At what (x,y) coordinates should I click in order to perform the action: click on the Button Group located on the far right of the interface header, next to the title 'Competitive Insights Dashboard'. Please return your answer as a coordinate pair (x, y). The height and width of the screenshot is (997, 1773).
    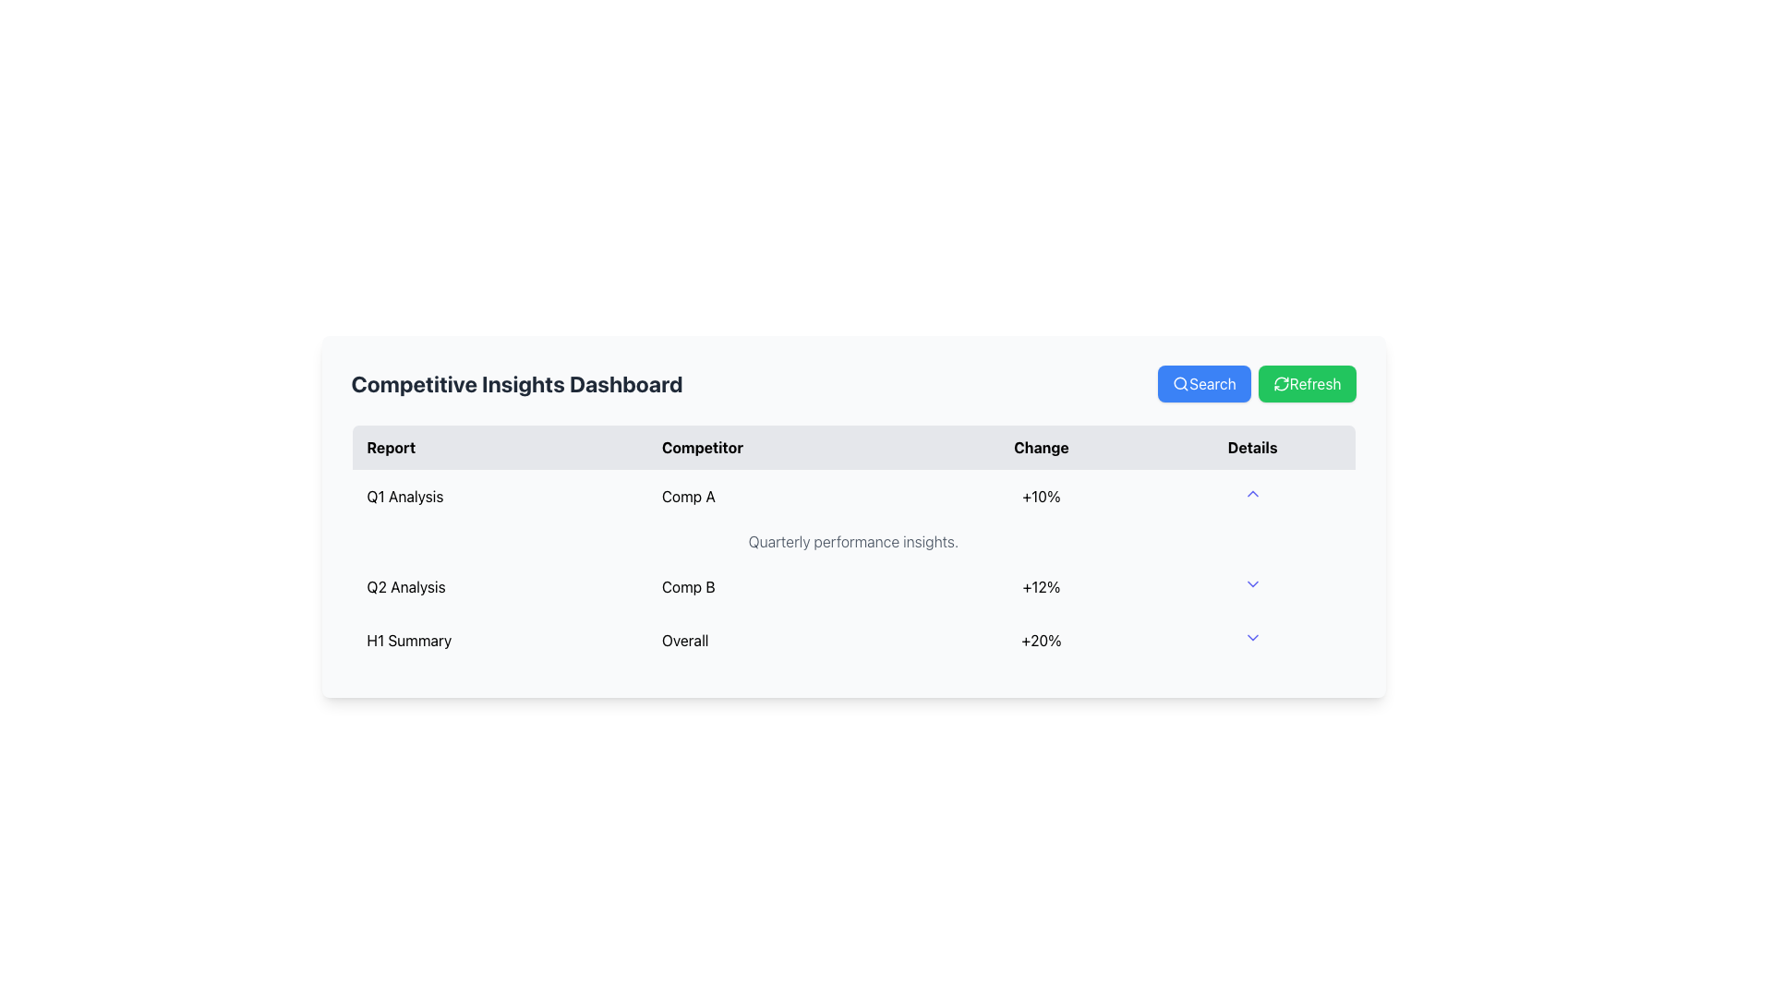
    Looking at the image, I should click on (1256, 383).